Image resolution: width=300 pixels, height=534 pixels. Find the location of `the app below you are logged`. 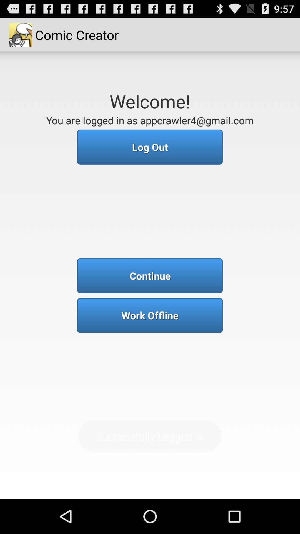

the app below you are logged is located at coordinates (150, 147).